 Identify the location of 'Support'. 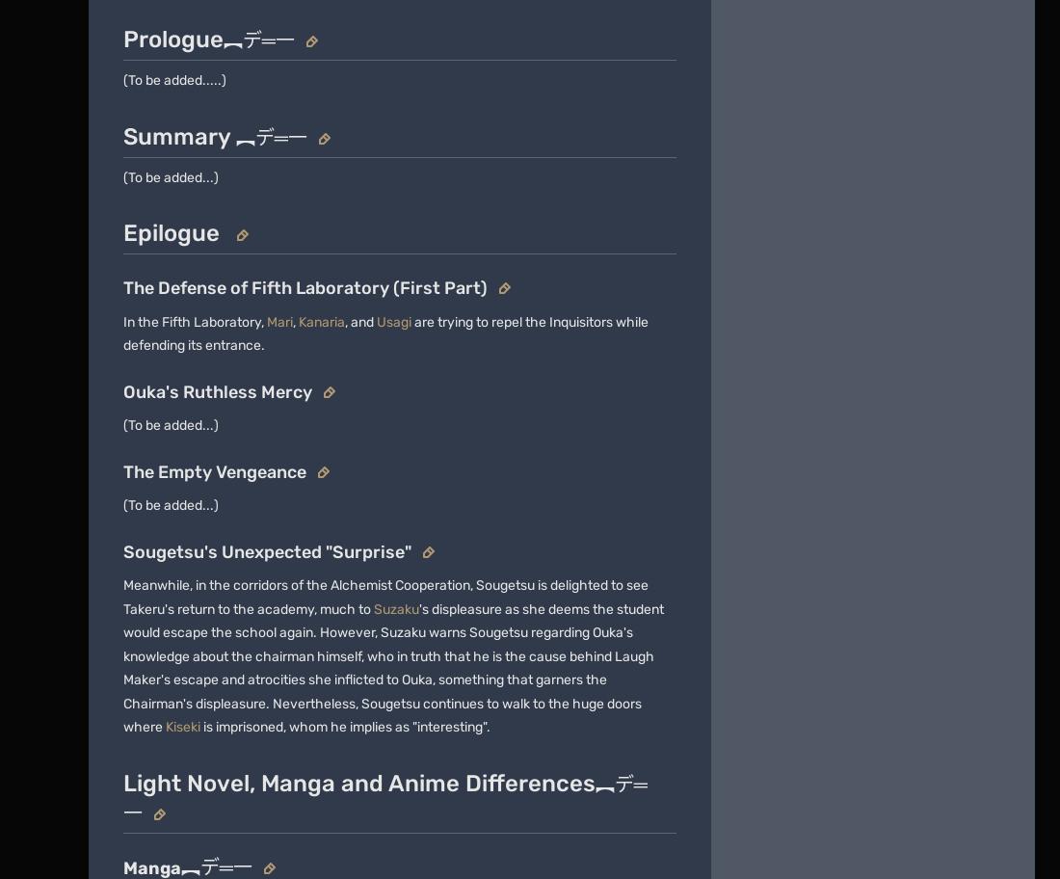
(595, 312).